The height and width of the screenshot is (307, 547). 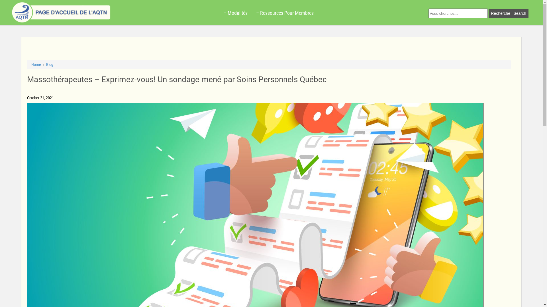 I want to click on 'Home', so click(x=36, y=64).